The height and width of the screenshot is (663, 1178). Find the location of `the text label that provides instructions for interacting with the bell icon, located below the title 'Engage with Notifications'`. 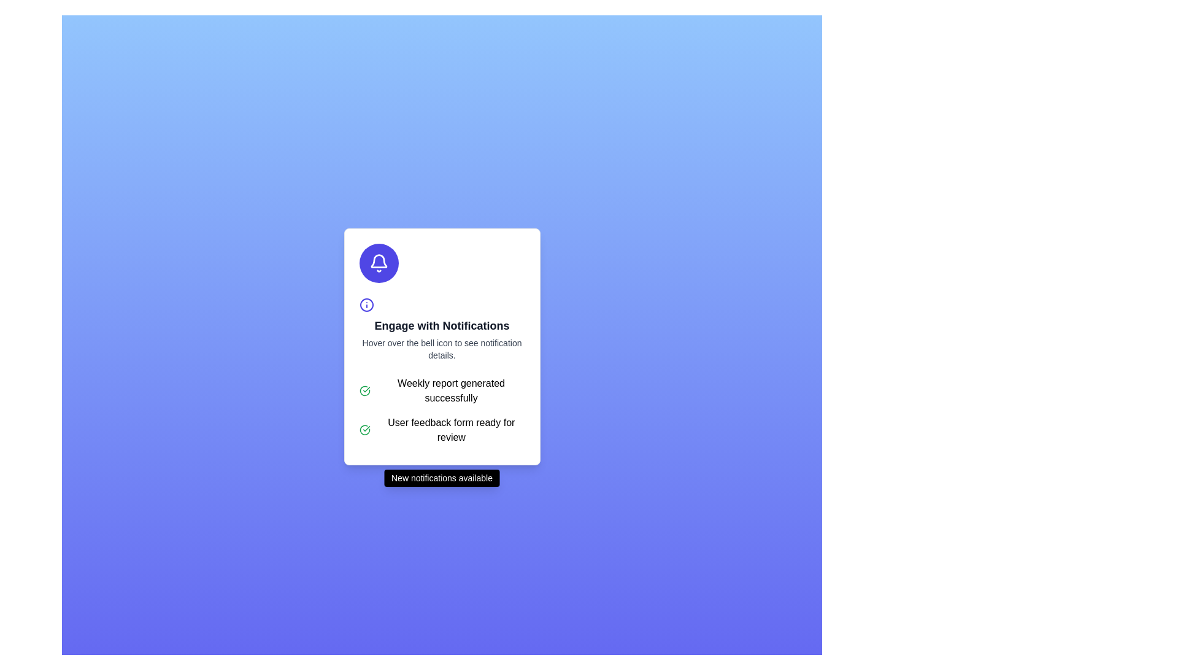

the text label that provides instructions for interacting with the bell icon, located below the title 'Engage with Notifications' is located at coordinates (442, 349).